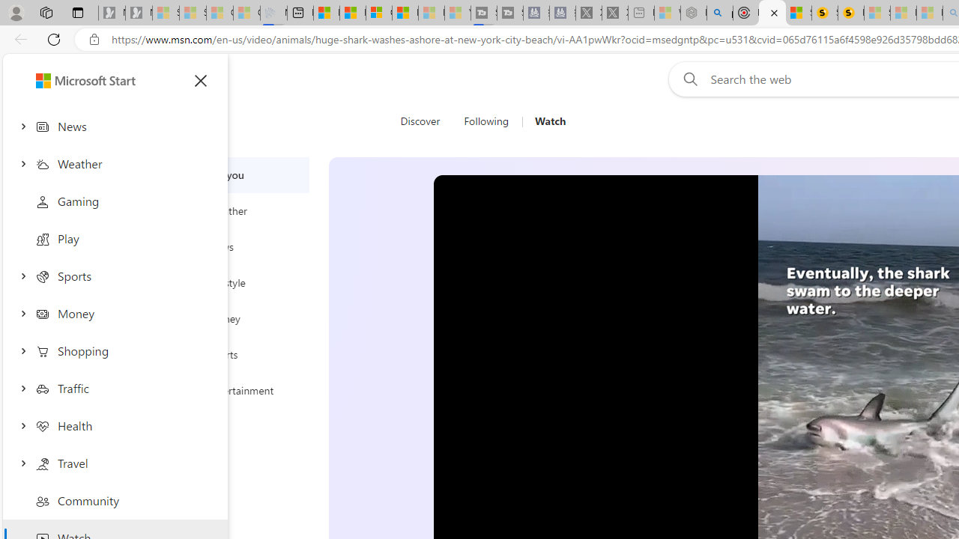  I want to click on 'Watch', so click(549, 121).